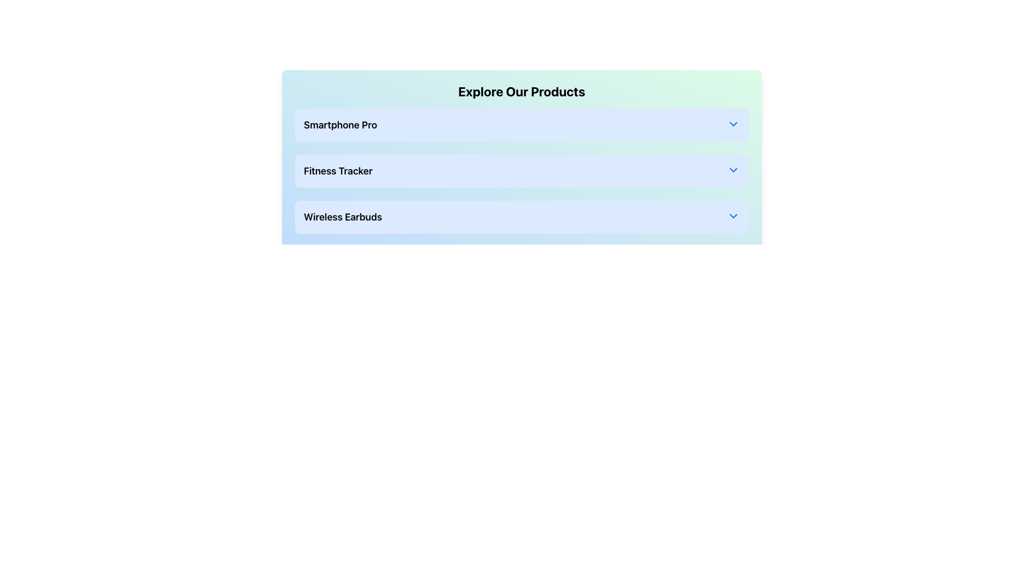 The height and width of the screenshot is (578, 1028). What do you see at coordinates (732, 216) in the screenshot?
I see `the Icon Button located at the far right of the 'Wireless Earbuds' section to indicate interactivity` at bounding box center [732, 216].